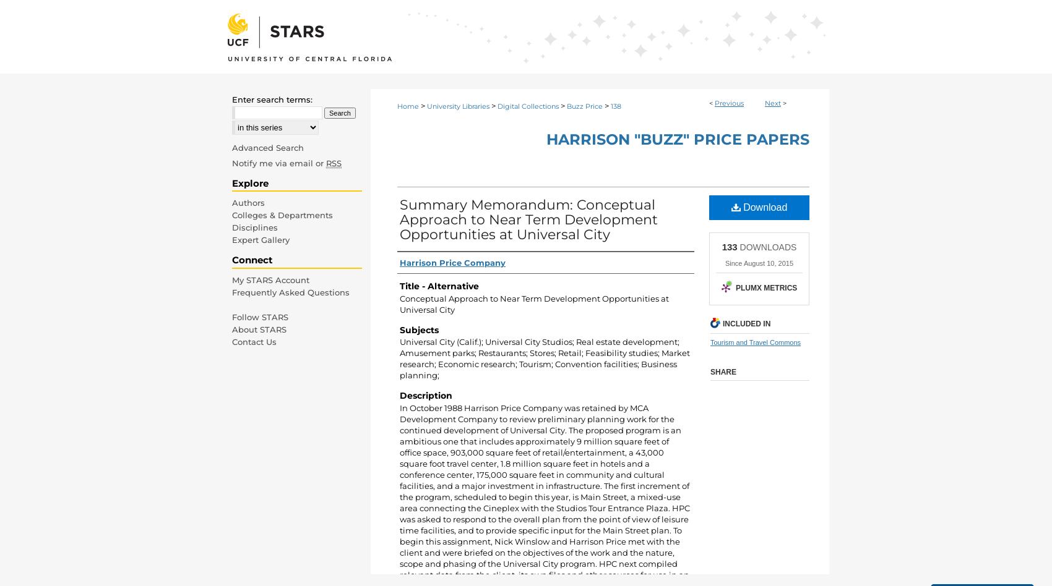 Image resolution: width=1052 pixels, height=586 pixels. What do you see at coordinates (231, 329) in the screenshot?
I see `'About STARS'` at bounding box center [231, 329].